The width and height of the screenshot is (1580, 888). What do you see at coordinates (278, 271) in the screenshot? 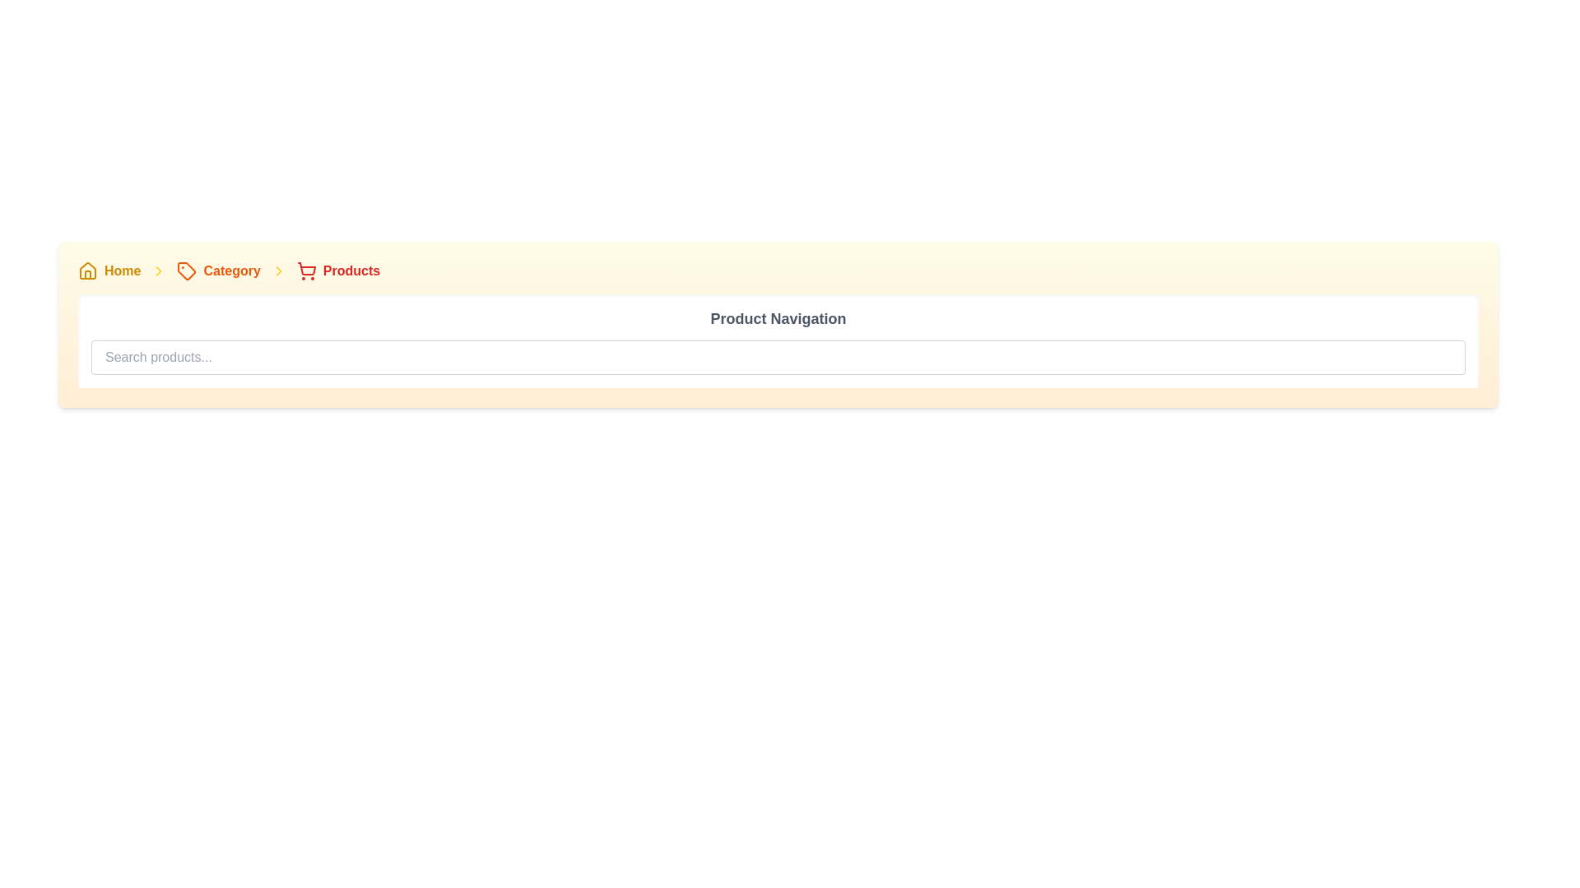
I see `the small right-pointing chevron icon that separates the 'Category' label from the 'Products' label in the breadcrumb navigation bar` at bounding box center [278, 271].